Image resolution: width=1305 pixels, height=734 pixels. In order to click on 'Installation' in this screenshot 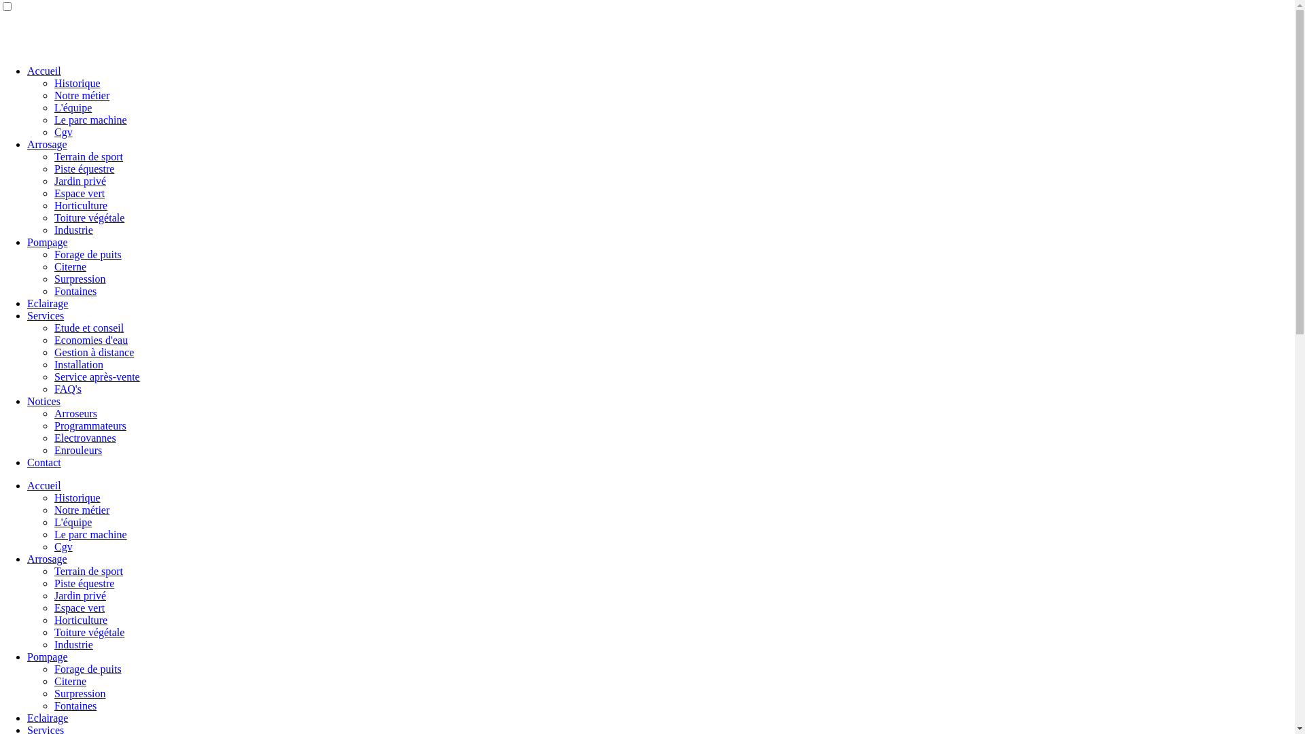, I will do `click(77, 364)`.